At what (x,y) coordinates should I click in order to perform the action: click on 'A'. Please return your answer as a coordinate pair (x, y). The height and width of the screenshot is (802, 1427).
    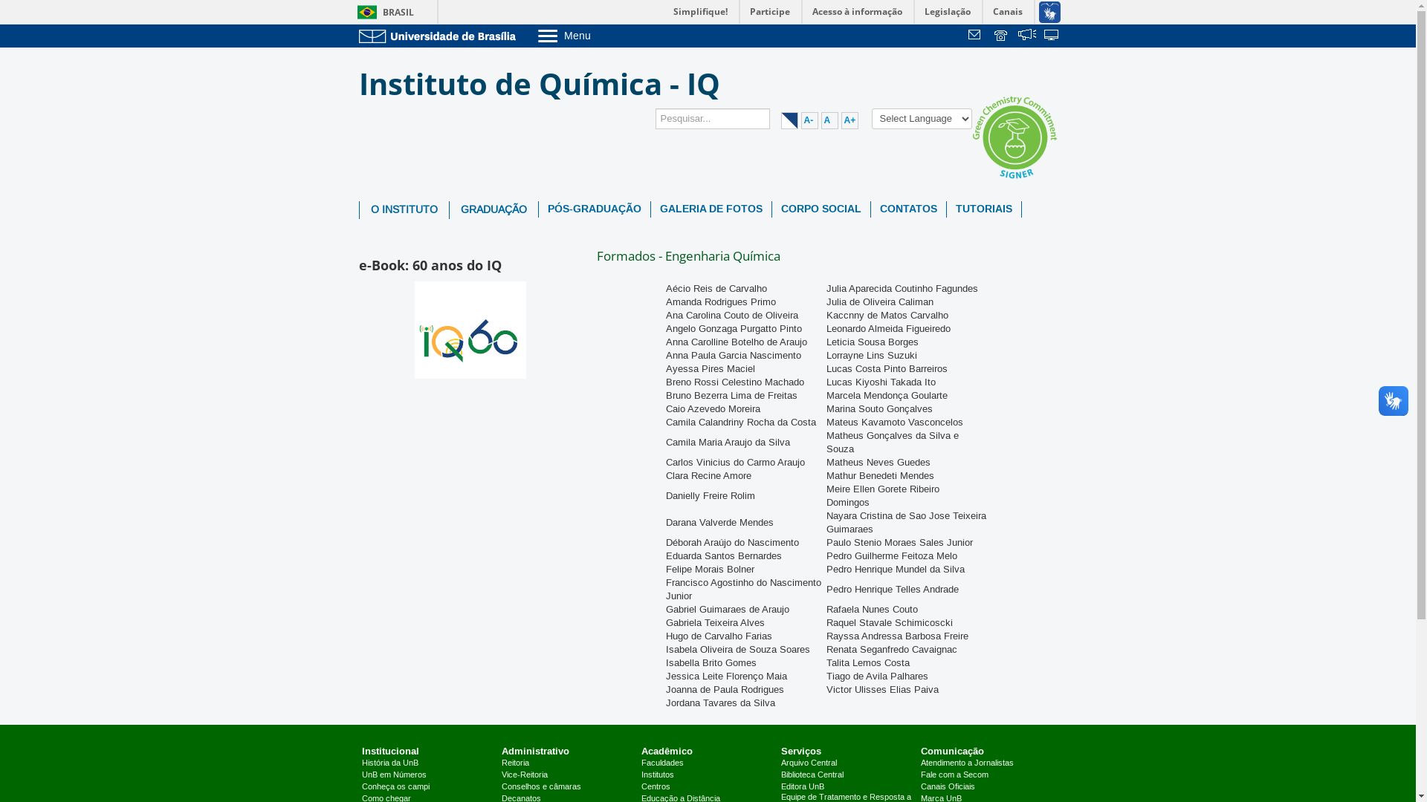
    Looking at the image, I should click on (828, 120).